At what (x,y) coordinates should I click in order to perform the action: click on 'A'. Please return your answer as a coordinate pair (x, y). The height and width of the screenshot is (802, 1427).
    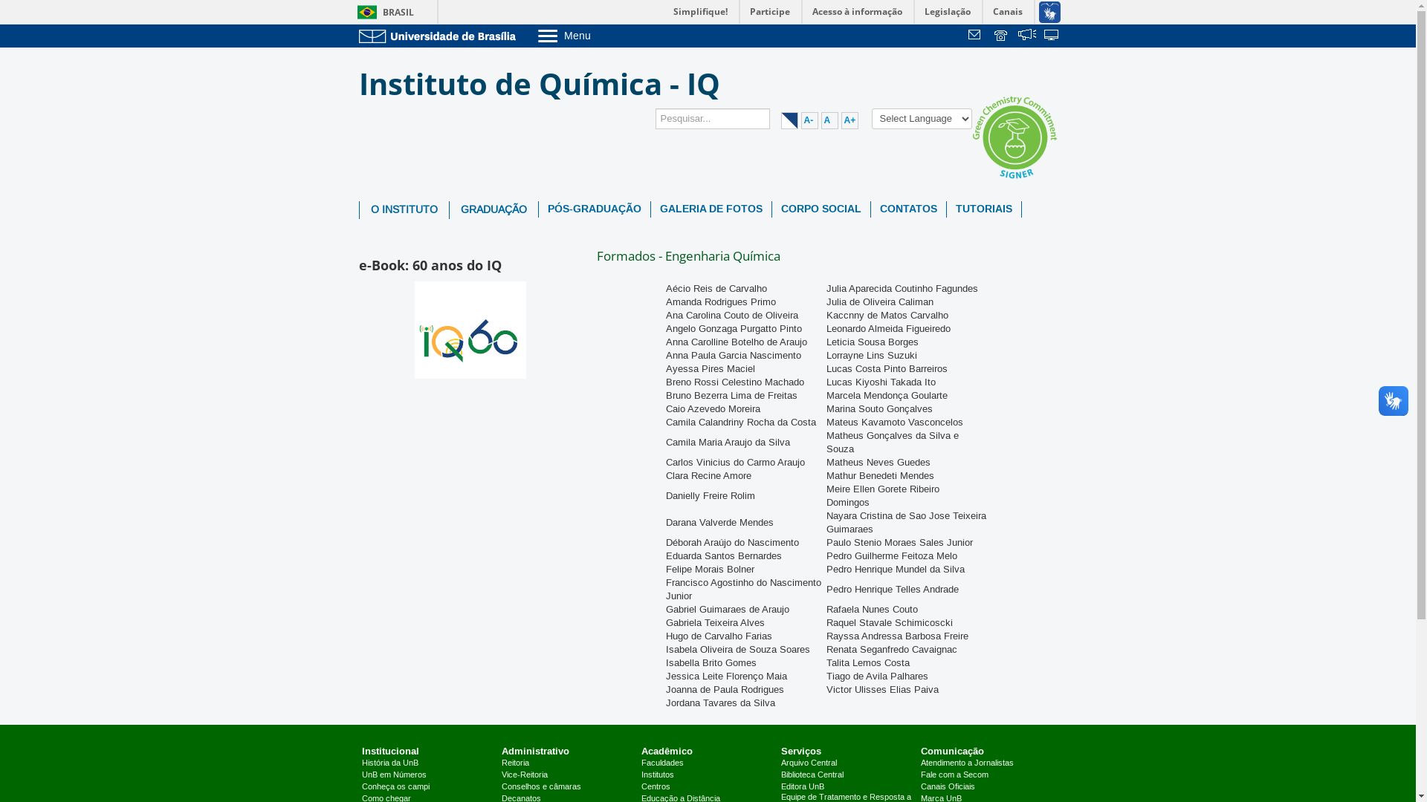
    Looking at the image, I should click on (828, 120).